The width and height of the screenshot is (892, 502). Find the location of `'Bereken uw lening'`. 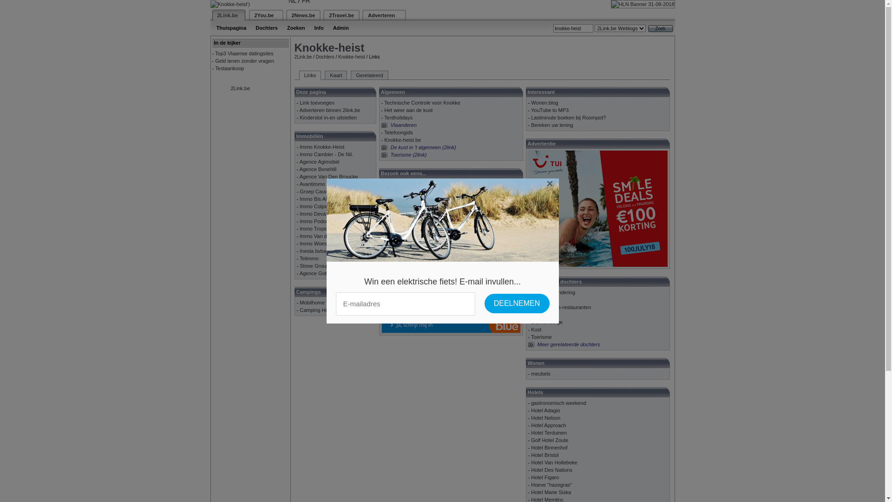

'Bereken uw lening' is located at coordinates (531, 125).